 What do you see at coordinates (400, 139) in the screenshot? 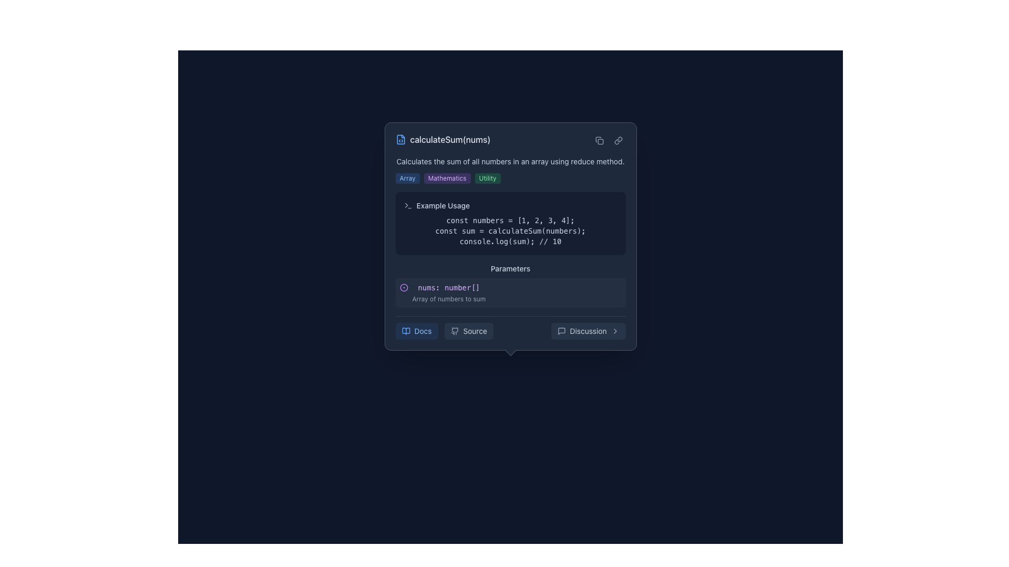
I see `the icon resembling a document with curly braces, which is located to the left of the text 'calculateSum(nums).'` at bounding box center [400, 139].